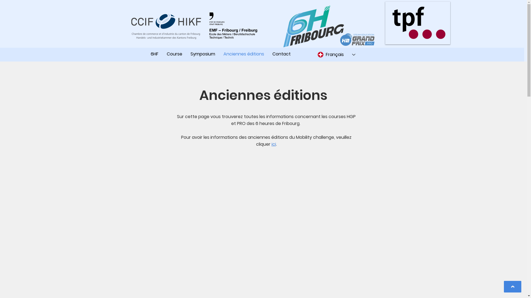 The height and width of the screenshot is (298, 531). Describe the element at coordinates (281, 54) in the screenshot. I see `'Contact'` at that location.